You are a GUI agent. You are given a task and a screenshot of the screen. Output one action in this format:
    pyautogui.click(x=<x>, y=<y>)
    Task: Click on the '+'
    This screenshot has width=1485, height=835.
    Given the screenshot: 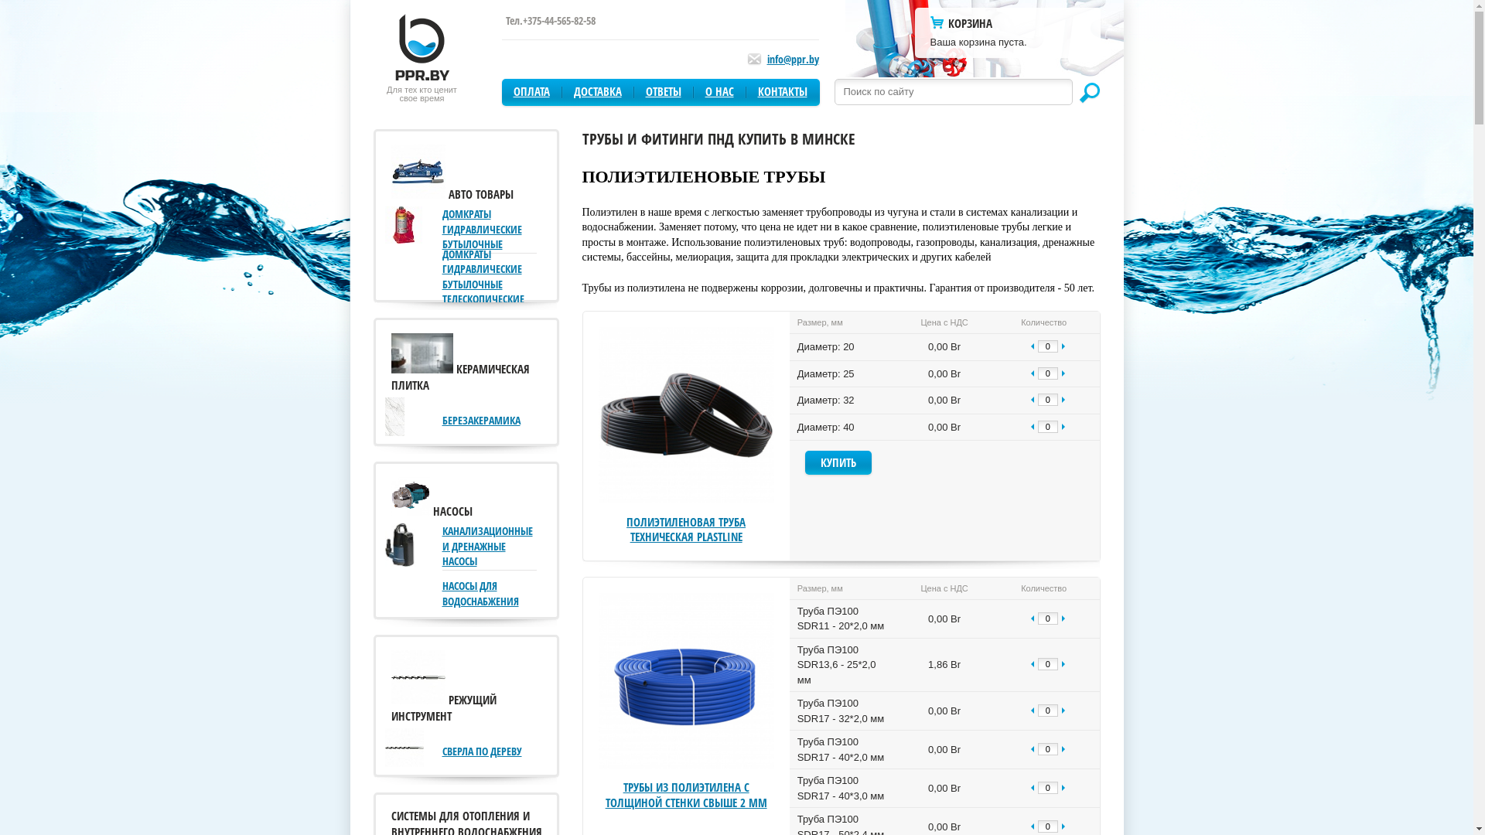 What is the action you would take?
    pyautogui.click(x=1062, y=748)
    